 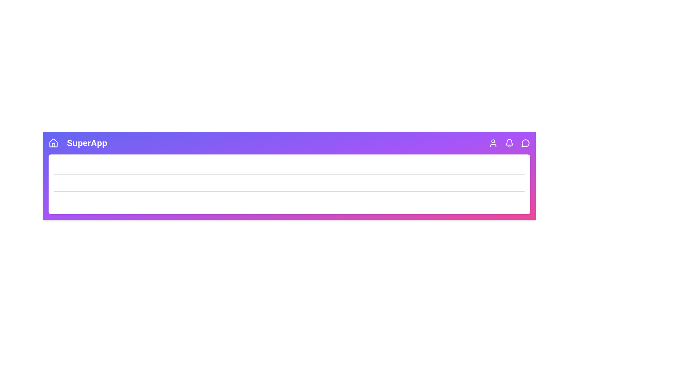 What do you see at coordinates (509, 143) in the screenshot?
I see `the Bell icon to see its hover effect` at bounding box center [509, 143].